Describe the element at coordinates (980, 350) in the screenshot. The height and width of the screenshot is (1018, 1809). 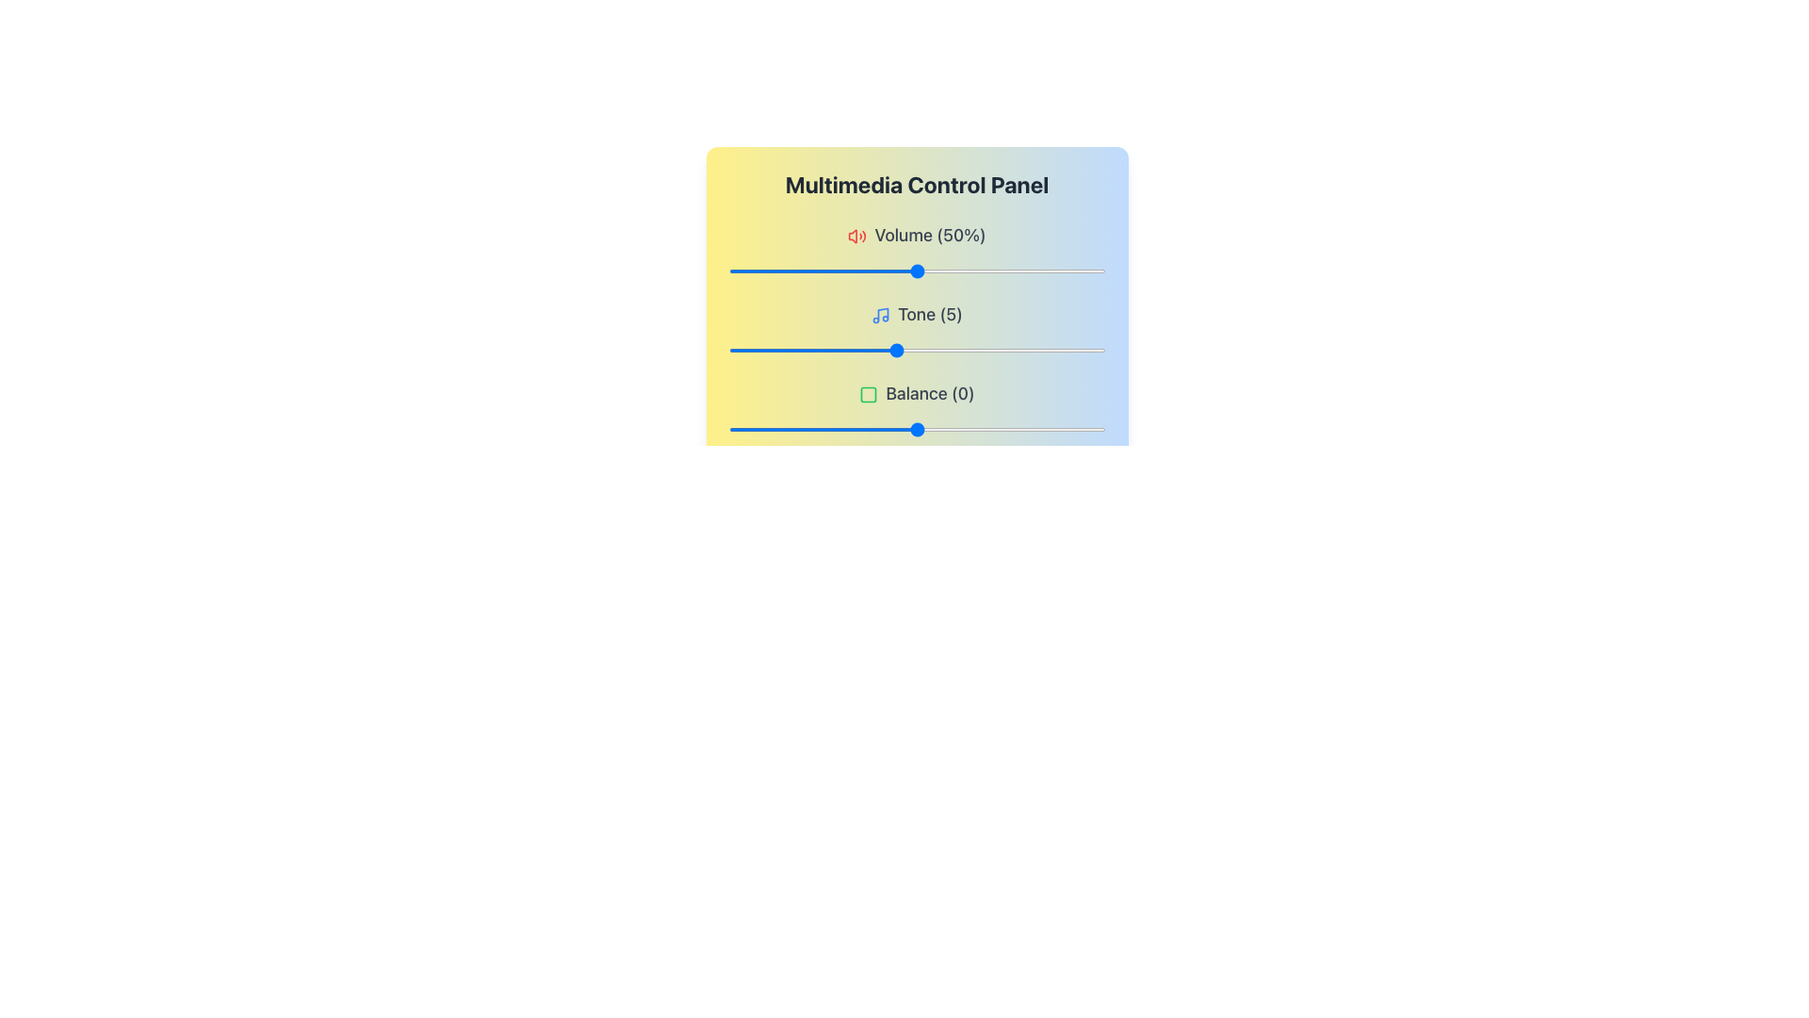
I see `the tone value` at that location.